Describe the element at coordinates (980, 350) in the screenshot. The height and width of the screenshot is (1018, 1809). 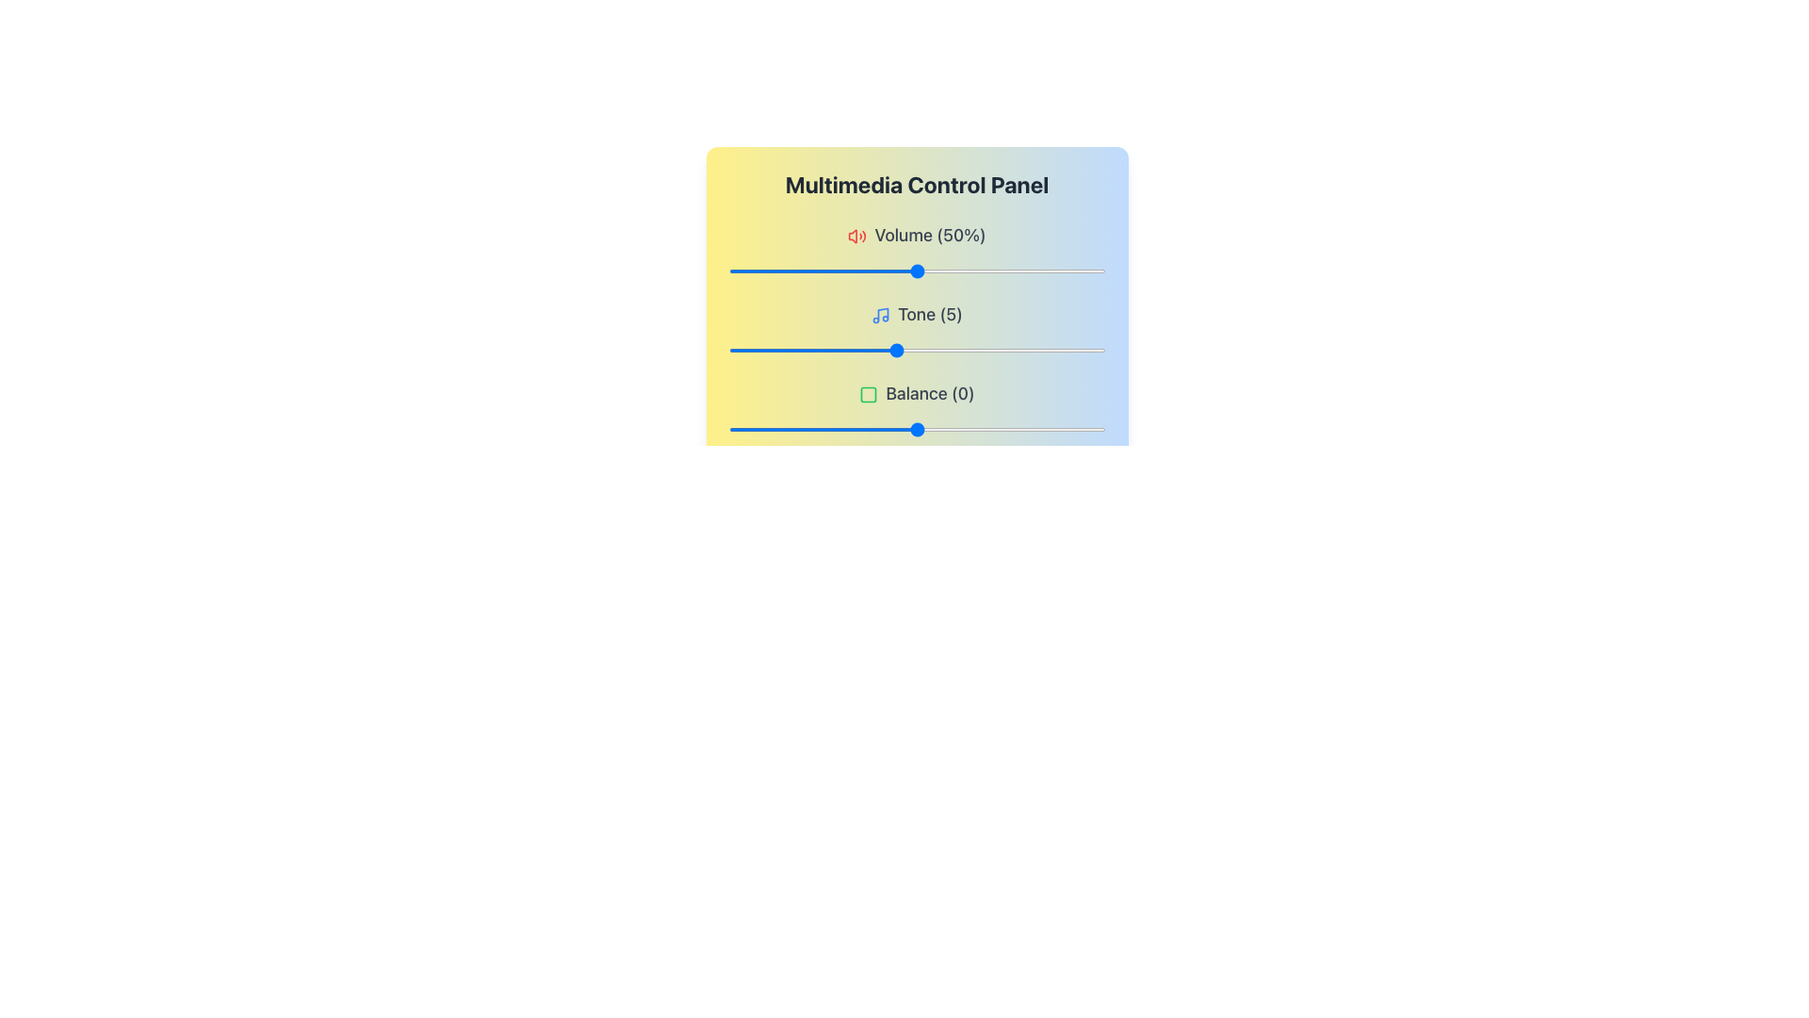
I see `the tone value` at that location.